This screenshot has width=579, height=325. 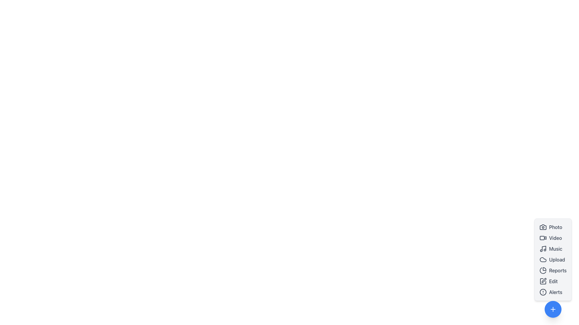 I want to click on the label that indicates functionality for managing or viewing photos, which is located to the right of the camera icon and is the first item in a vertical stack of options, so click(x=555, y=227).